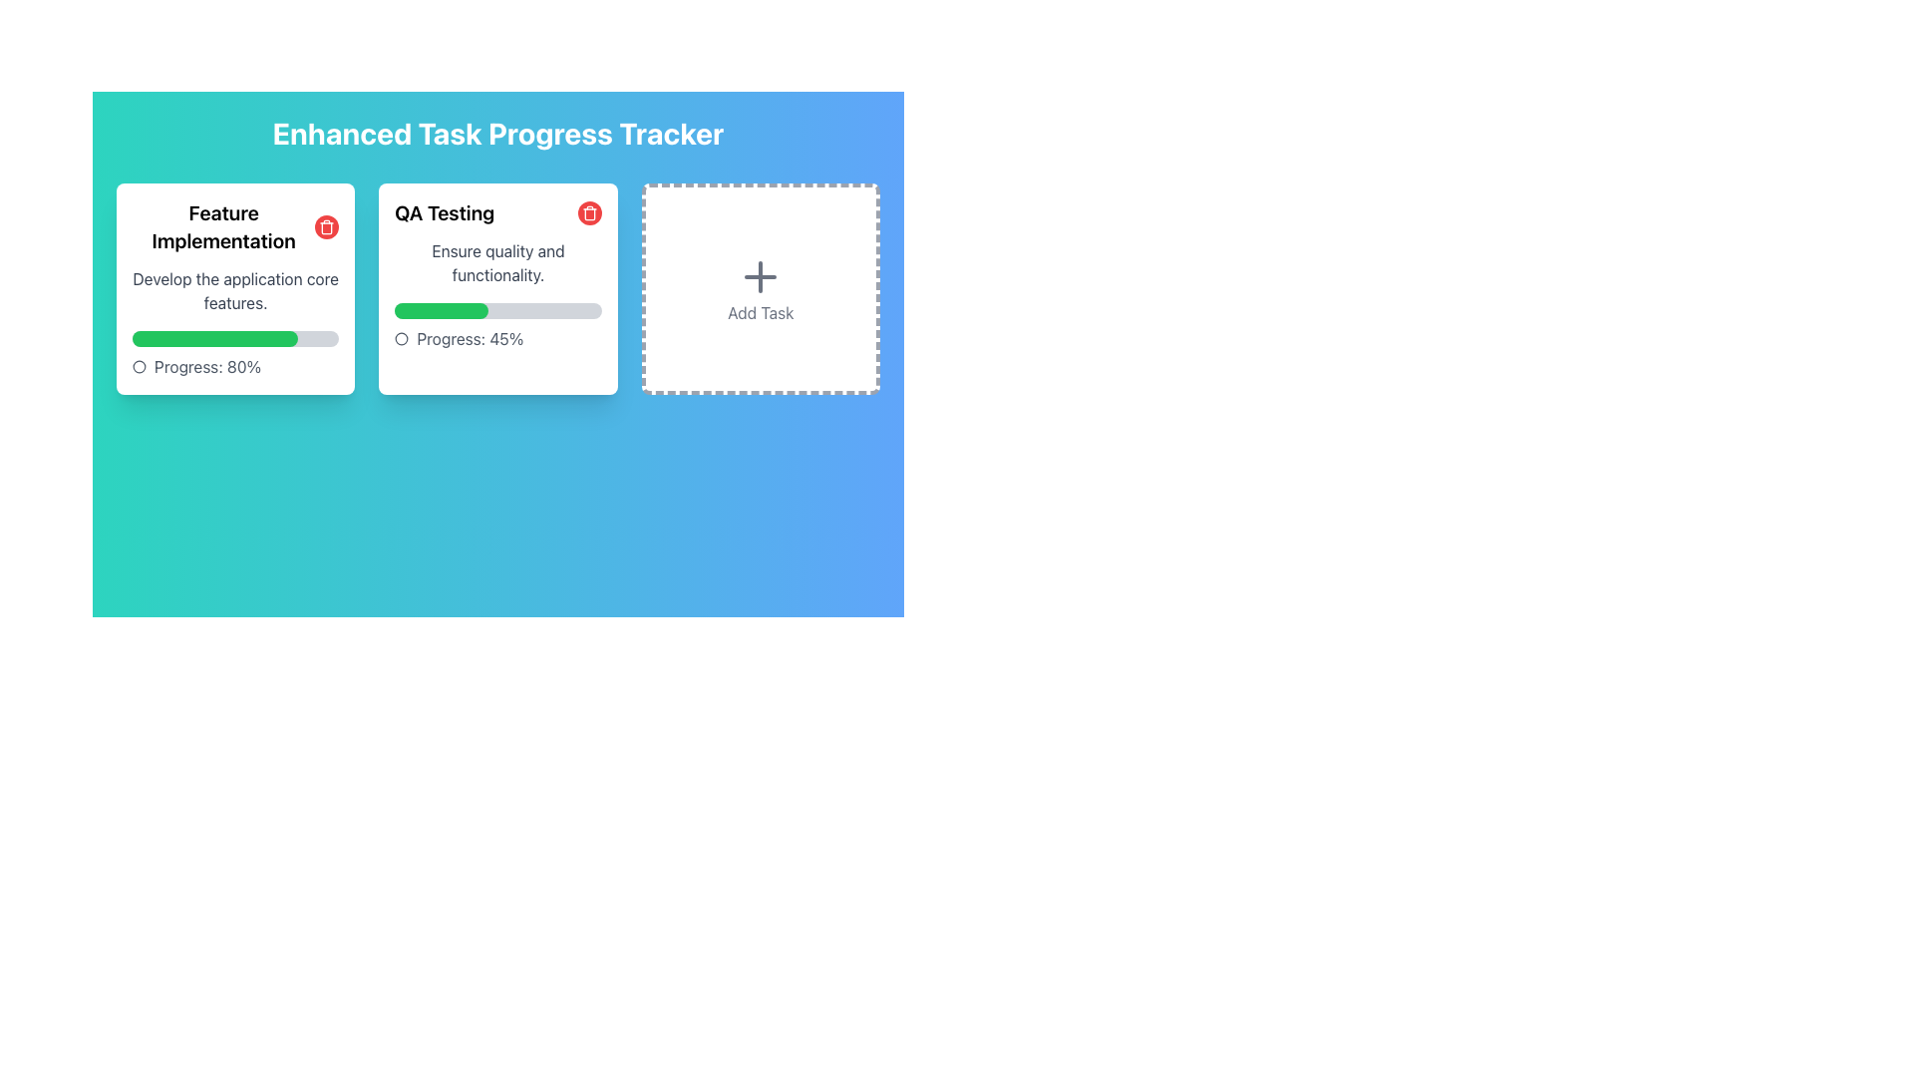  I want to click on the surrounding area of the 'Progress: 45%' text element, which is located at the bottom of the 'QA Testing' task card and includes a small circular icon on the left, so click(497, 337).